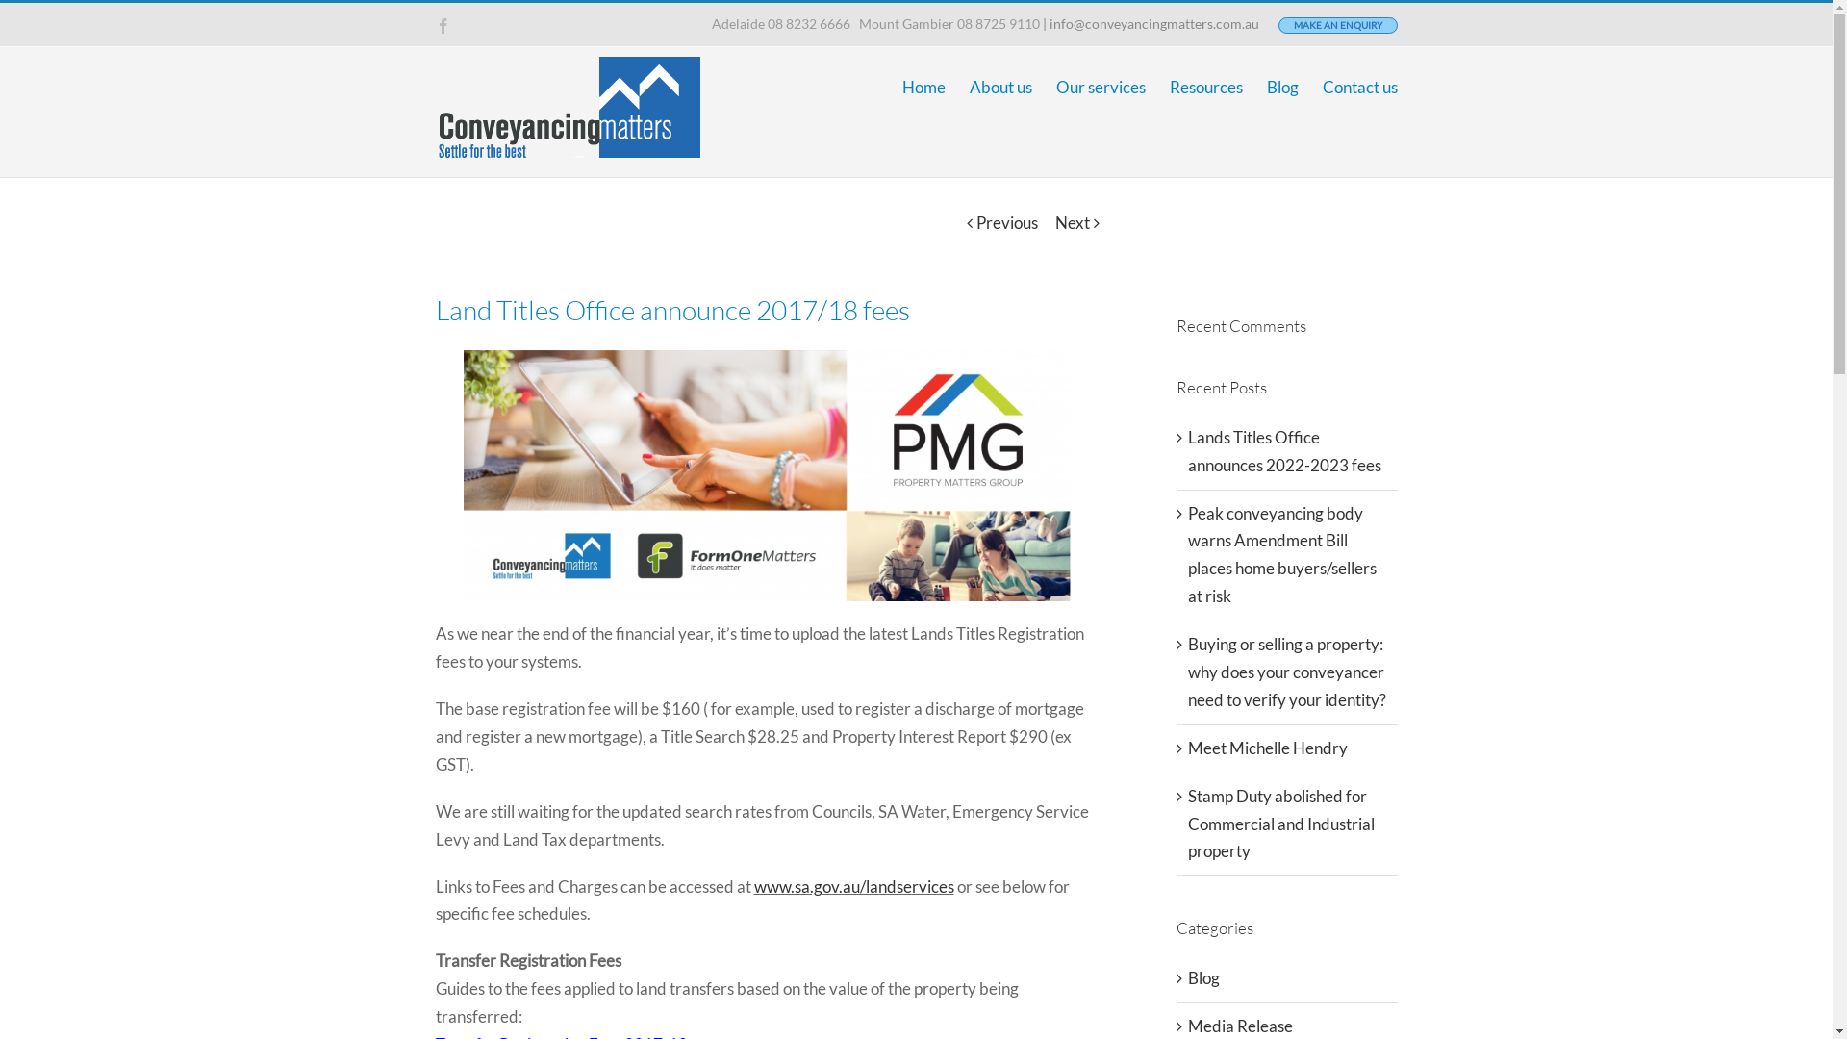 This screenshot has height=1039, width=1847. I want to click on 'Mount Gambier 08 8725 9110', so click(854, 23).